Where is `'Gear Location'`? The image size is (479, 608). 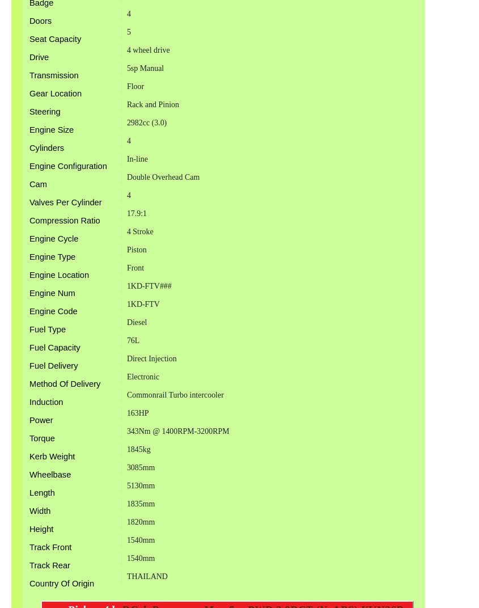
'Gear Location' is located at coordinates (56, 92).